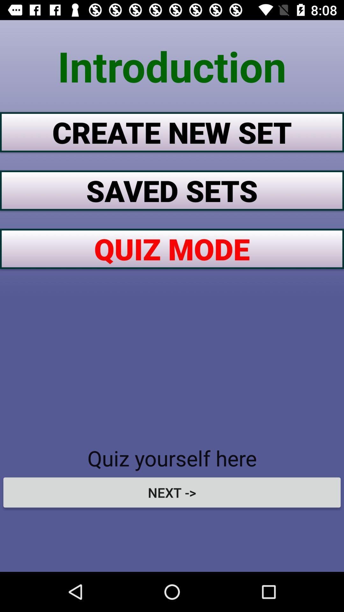 The image size is (344, 612). I want to click on saved sets, so click(172, 190).